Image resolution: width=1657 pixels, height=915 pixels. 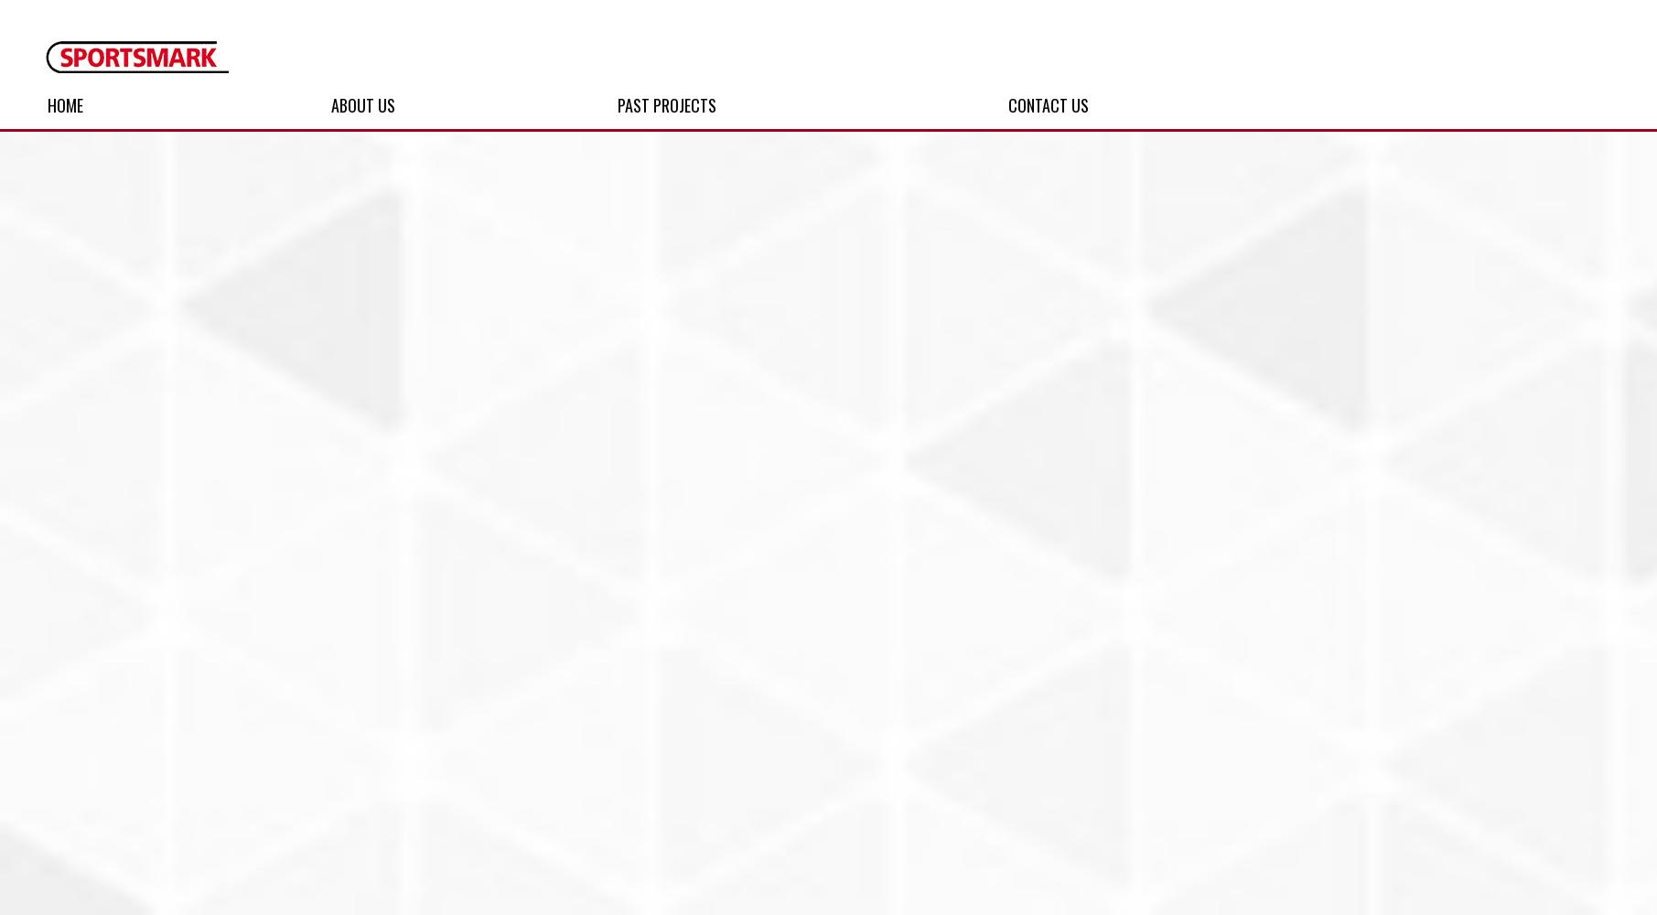 What do you see at coordinates (151, 478) in the screenshot?
I see `'Football'` at bounding box center [151, 478].